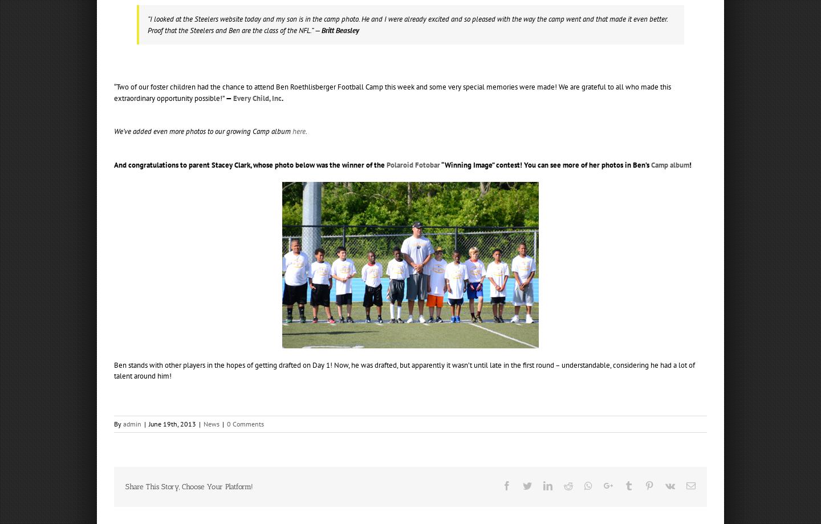 Image resolution: width=821 pixels, height=524 pixels. What do you see at coordinates (189, 485) in the screenshot?
I see `'Share This Story, Choose Your Platform!'` at bounding box center [189, 485].